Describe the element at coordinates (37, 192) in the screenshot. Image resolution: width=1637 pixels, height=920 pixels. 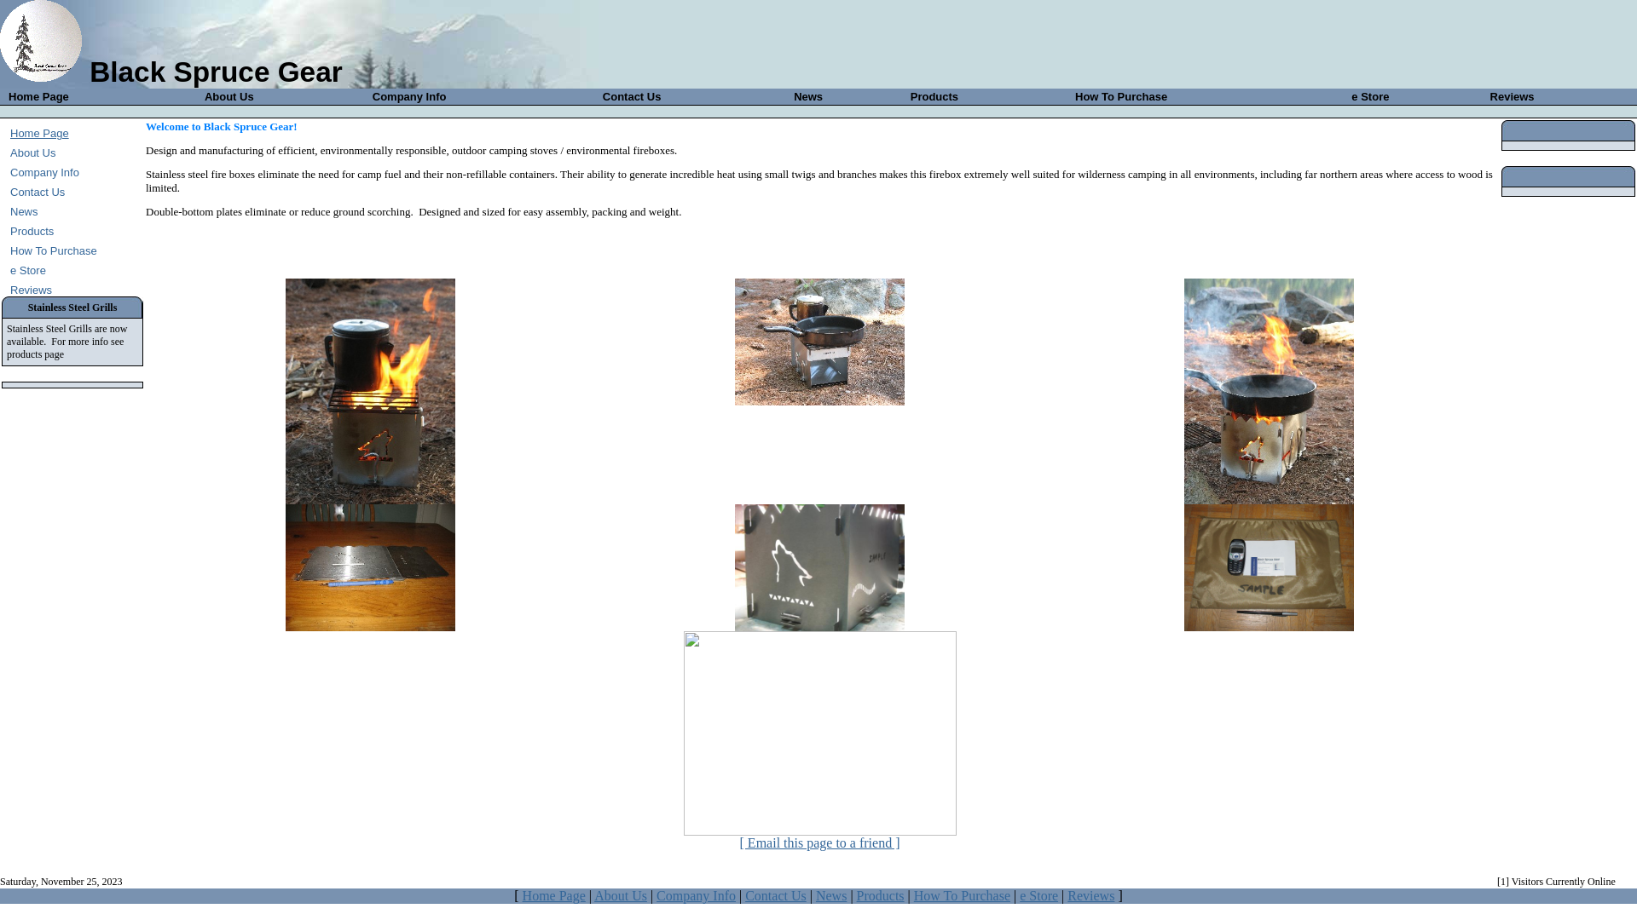
I see `'Contact Us'` at that location.